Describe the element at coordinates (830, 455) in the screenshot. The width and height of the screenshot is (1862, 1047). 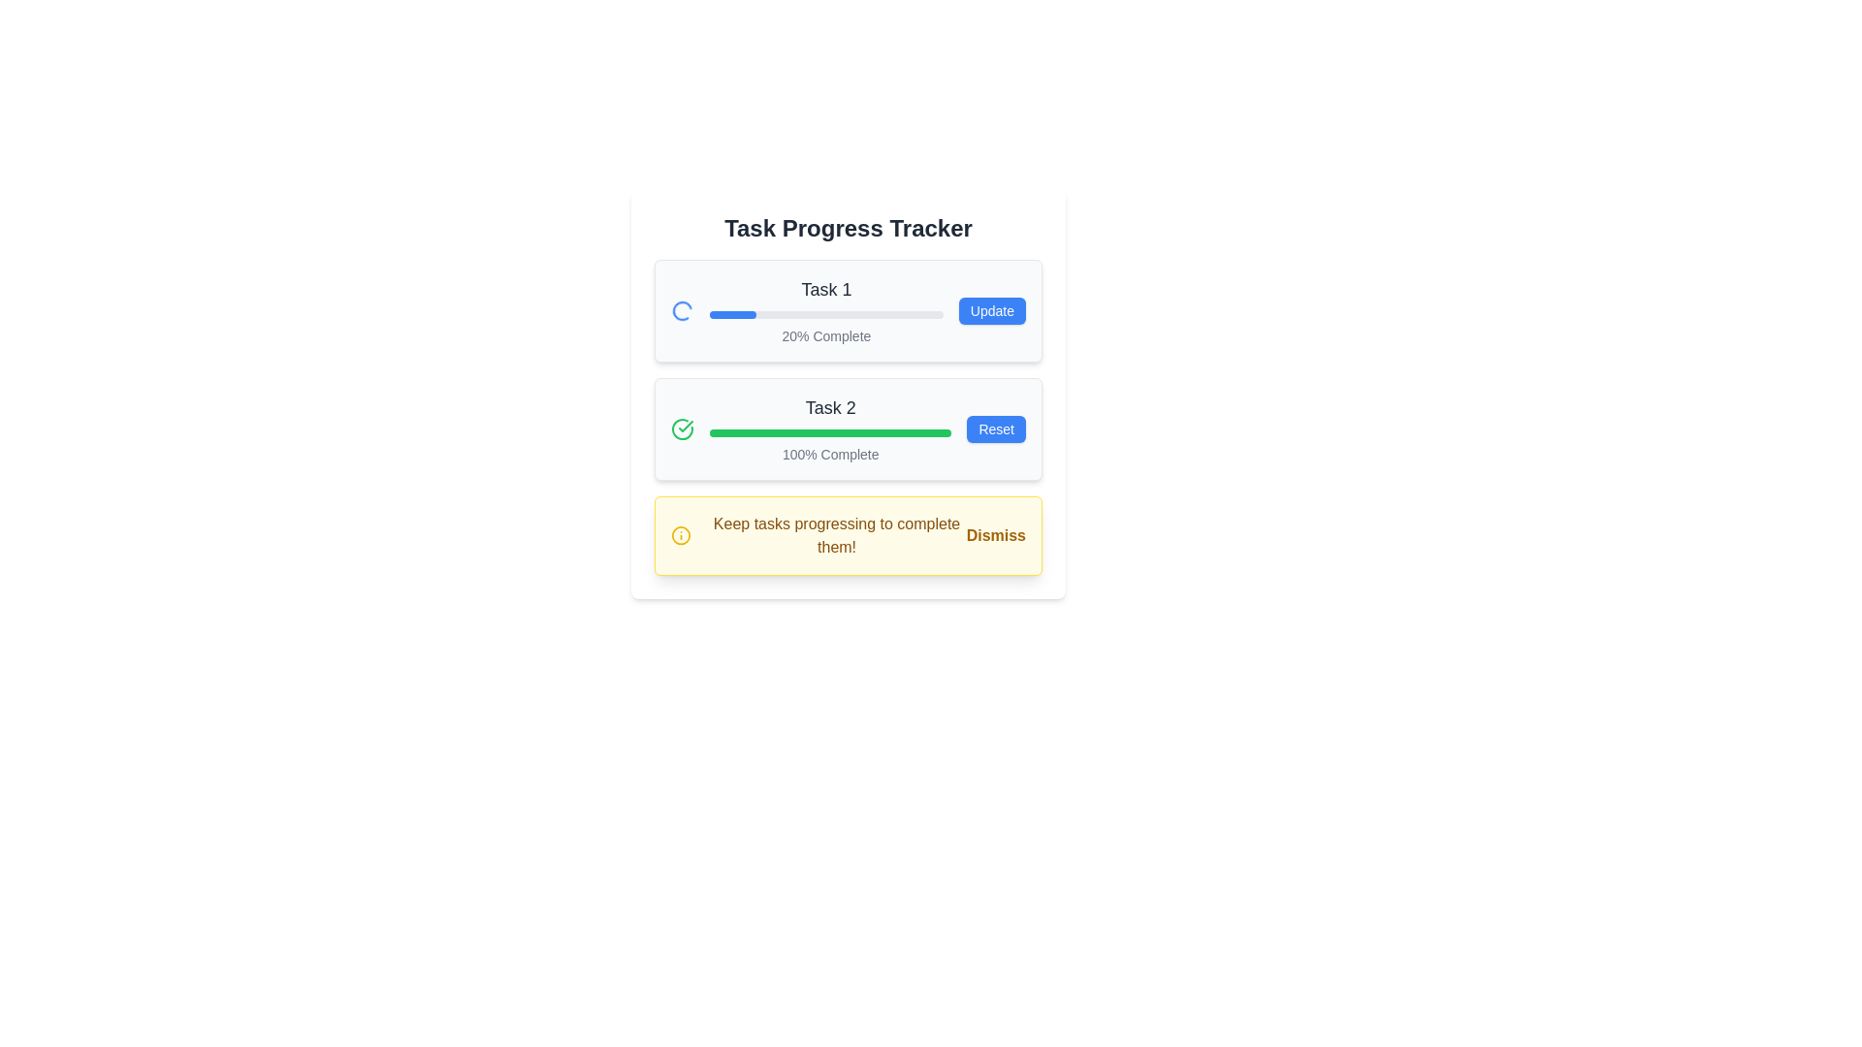
I see `text label displaying '100% Complete' located beneath the progress bar in the 'Task 2' section of the task tracker interface` at that location.